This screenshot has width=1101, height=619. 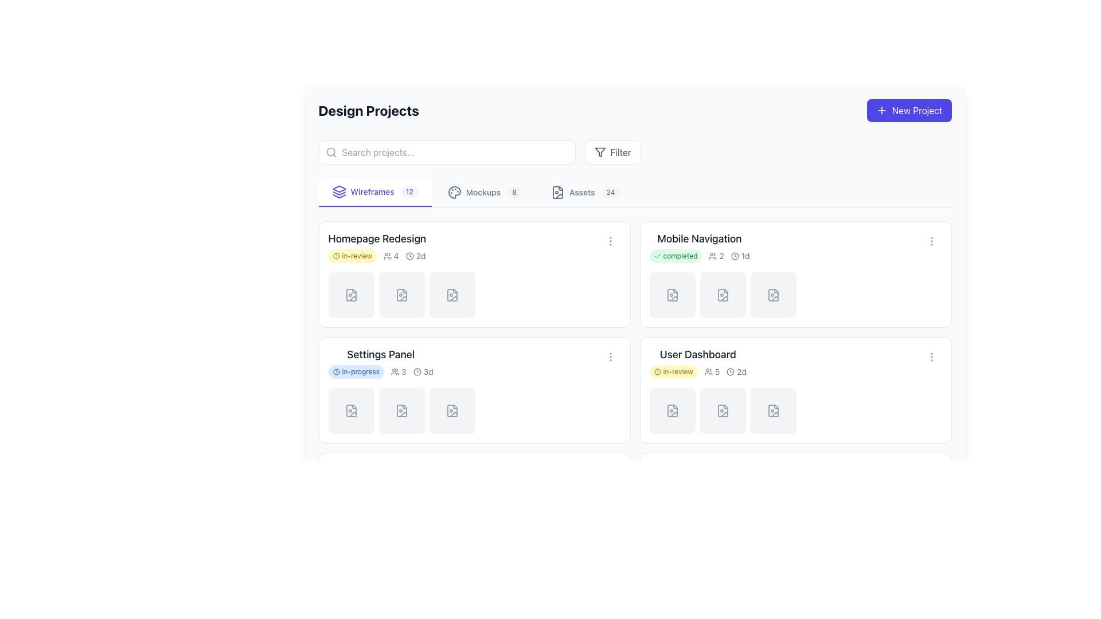 What do you see at coordinates (451, 295) in the screenshot?
I see `the file or document icon located in the upper left quadrant of the interface within the 'Homepage Redesign' card` at bounding box center [451, 295].